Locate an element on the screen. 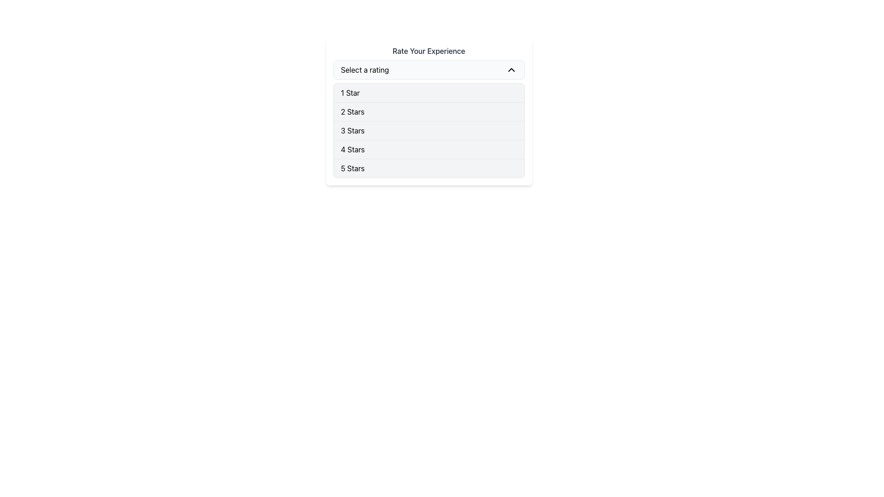 The image size is (884, 497). the dropdown menu labeled 'Select a rating' is located at coordinates (428, 69).